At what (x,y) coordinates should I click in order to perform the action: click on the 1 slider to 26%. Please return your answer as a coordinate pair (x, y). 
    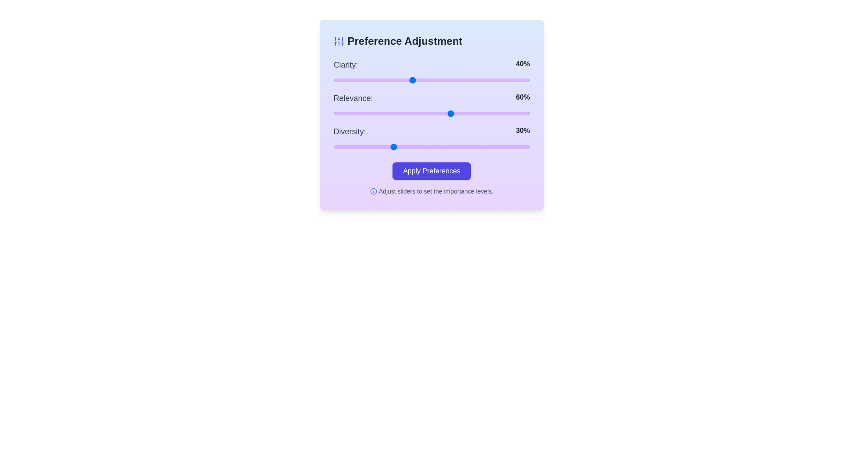
    Looking at the image, I should click on (385, 113).